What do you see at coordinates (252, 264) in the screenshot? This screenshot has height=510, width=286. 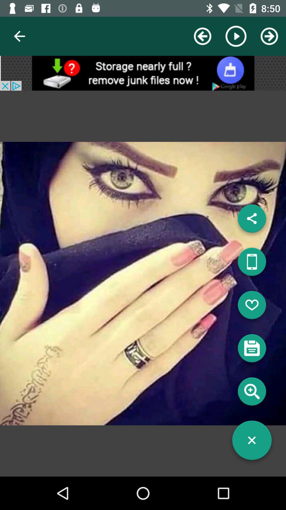 I see `click on phone icon` at bounding box center [252, 264].